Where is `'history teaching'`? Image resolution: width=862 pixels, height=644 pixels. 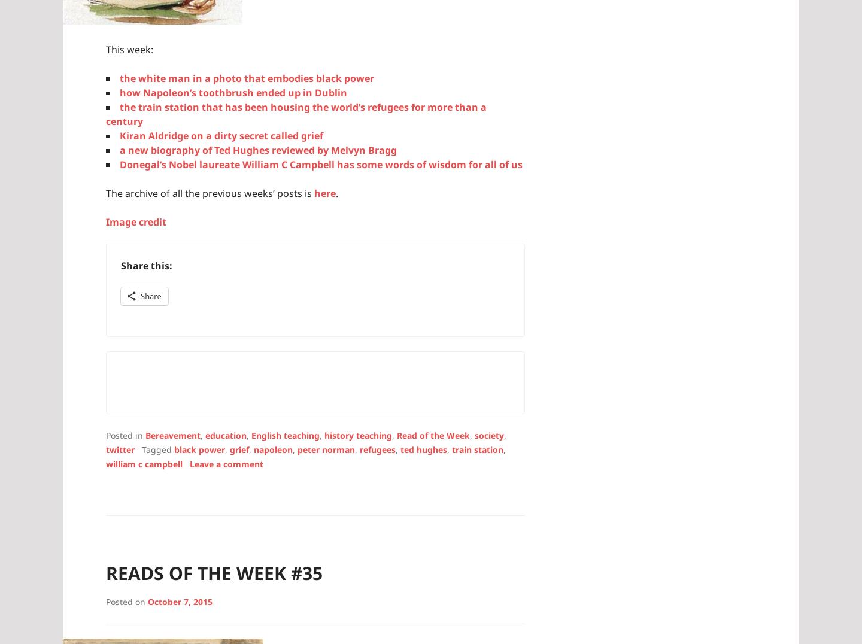 'history teaching' is located at coordinates (358, 434).